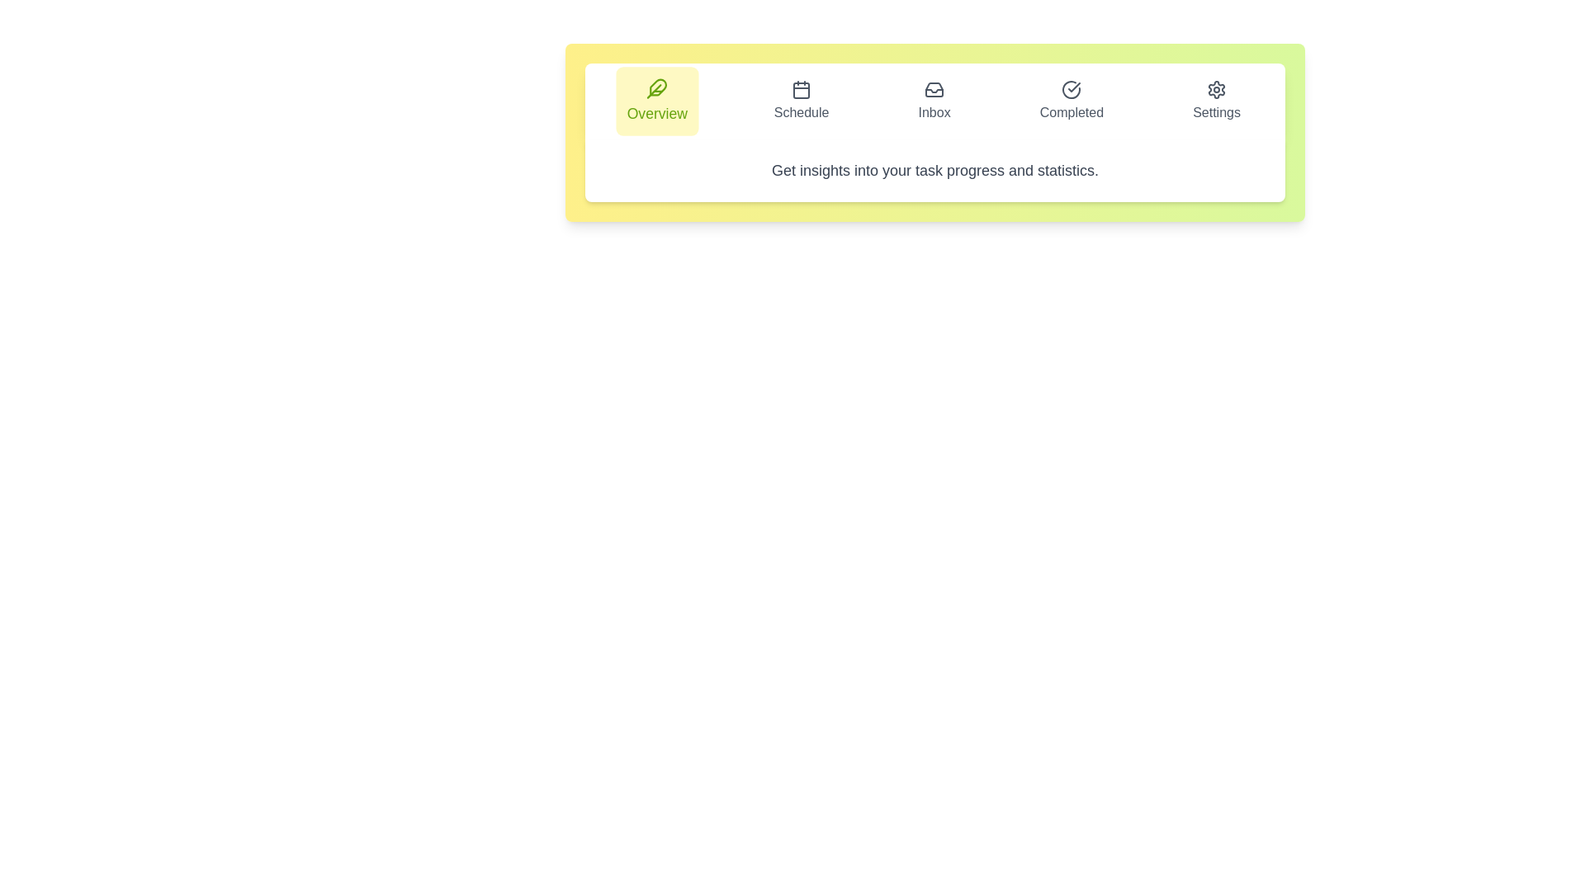 Image resolution: width=1585 pixels, height=891 pixels. What do you see at coordinates (656, 101) in the screenshot?
I see `the tab labeled Overview` at bounding box center [656, 101].